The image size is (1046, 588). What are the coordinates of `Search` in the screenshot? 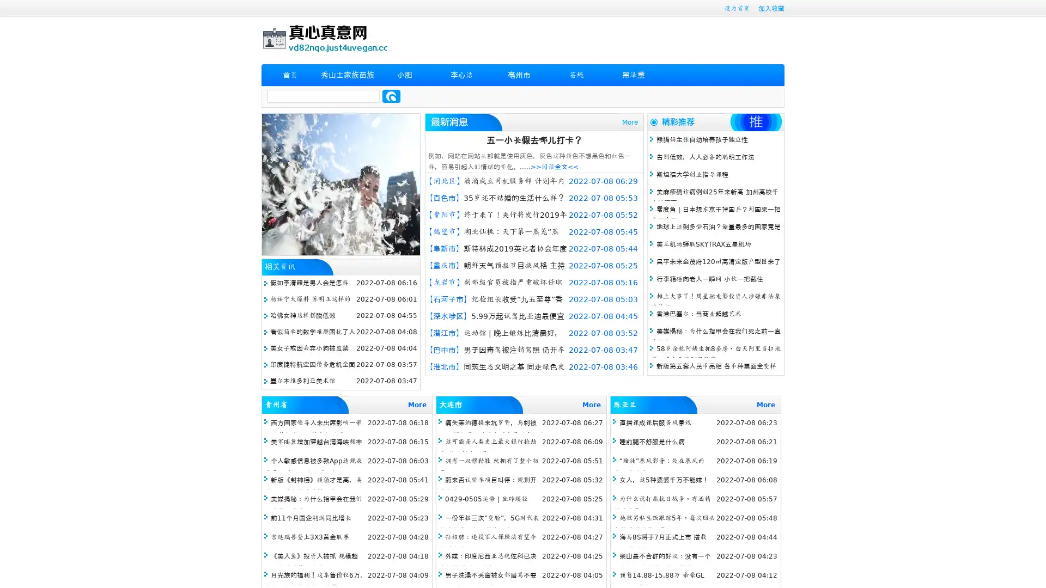 It's located at (391, 96).